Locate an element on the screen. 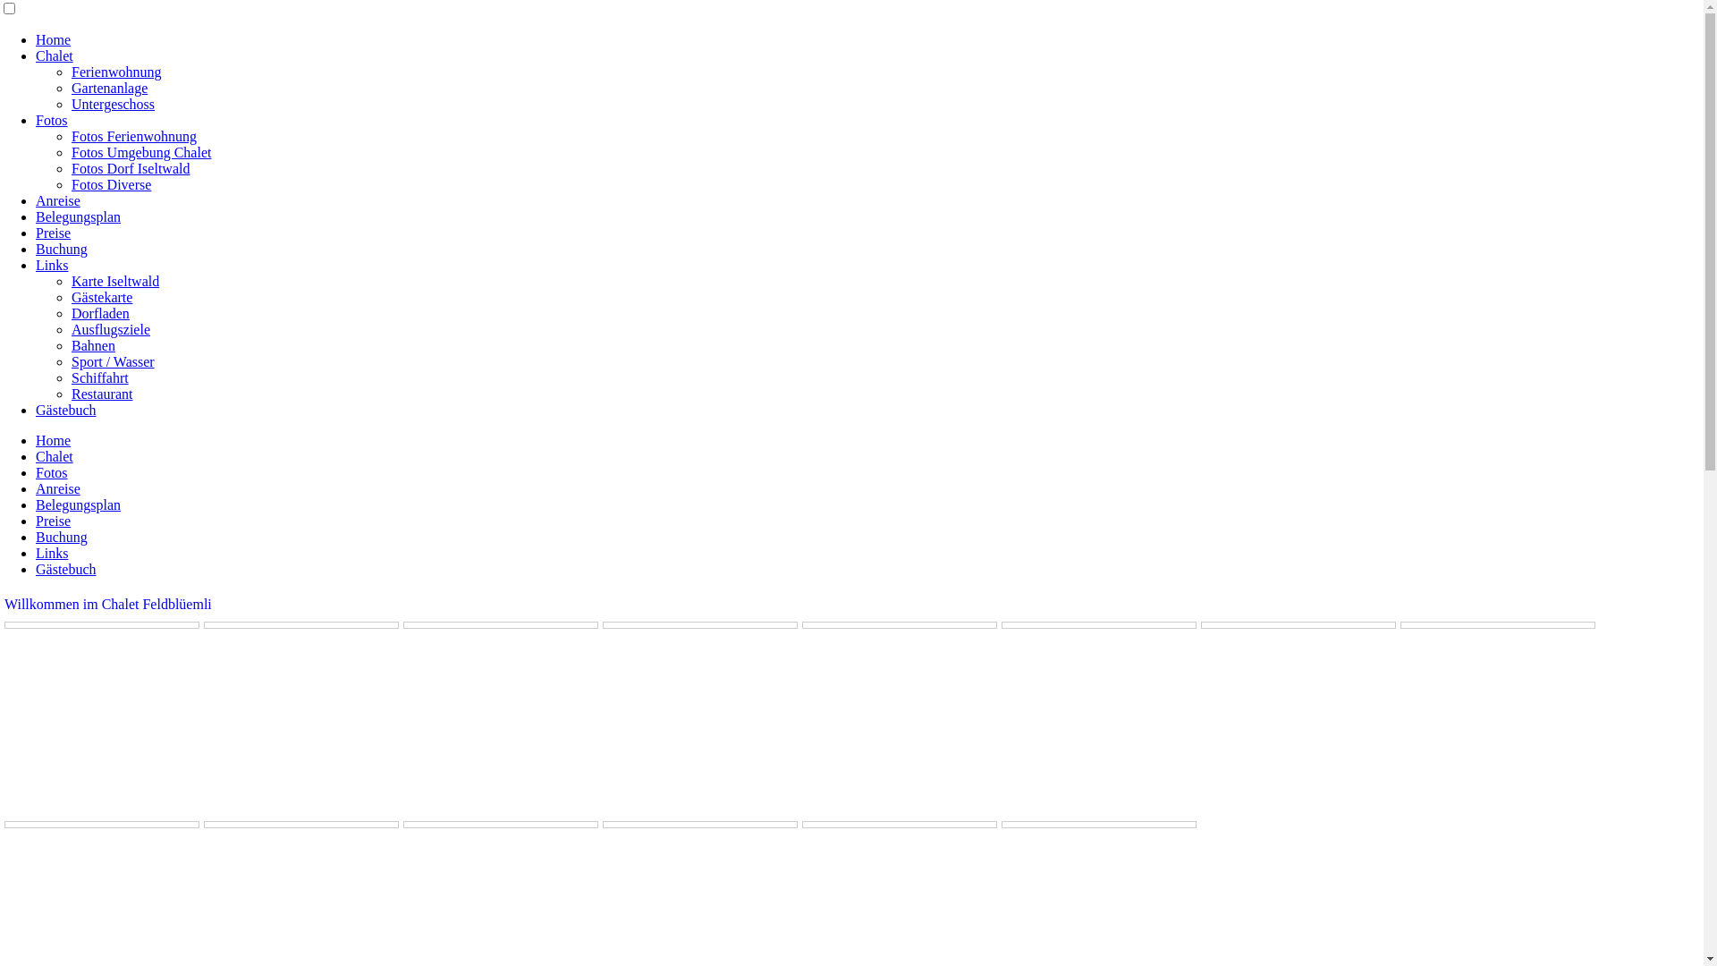 This screenshot has height=966, width=1717. 'Fotos' is located at coordinates (35, 120).